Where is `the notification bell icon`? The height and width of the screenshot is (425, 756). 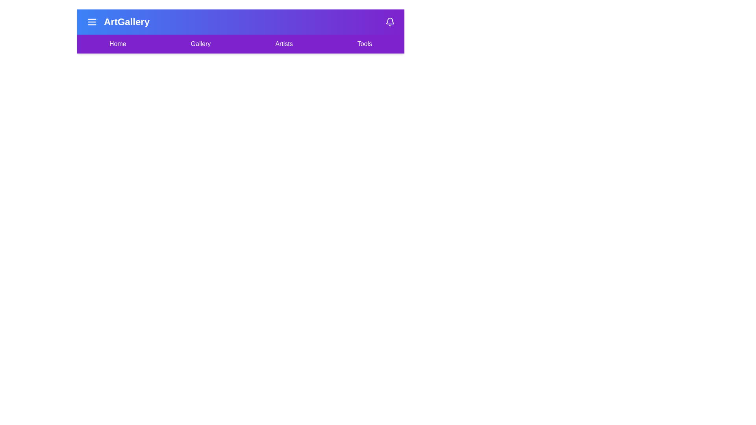
the notification bell icon is located at coordinates (390, 22).